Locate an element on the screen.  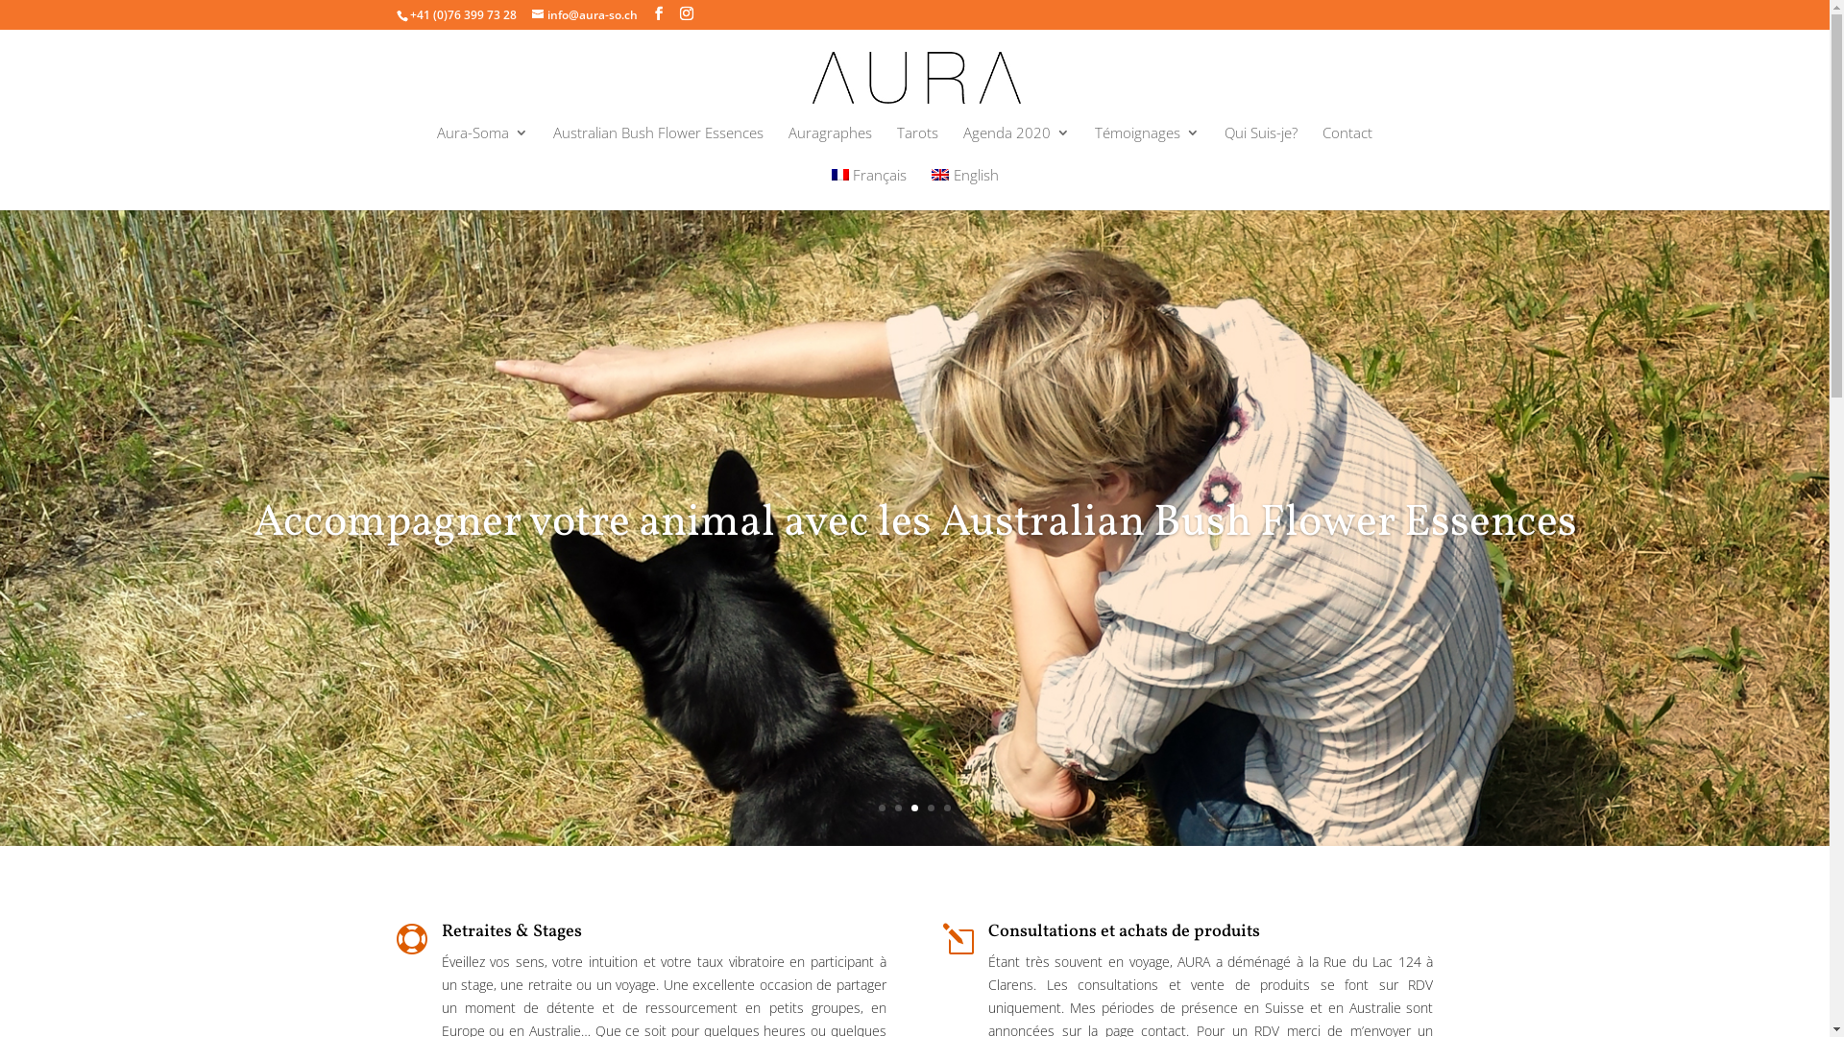
'l' is located at coordinates (958, 938).